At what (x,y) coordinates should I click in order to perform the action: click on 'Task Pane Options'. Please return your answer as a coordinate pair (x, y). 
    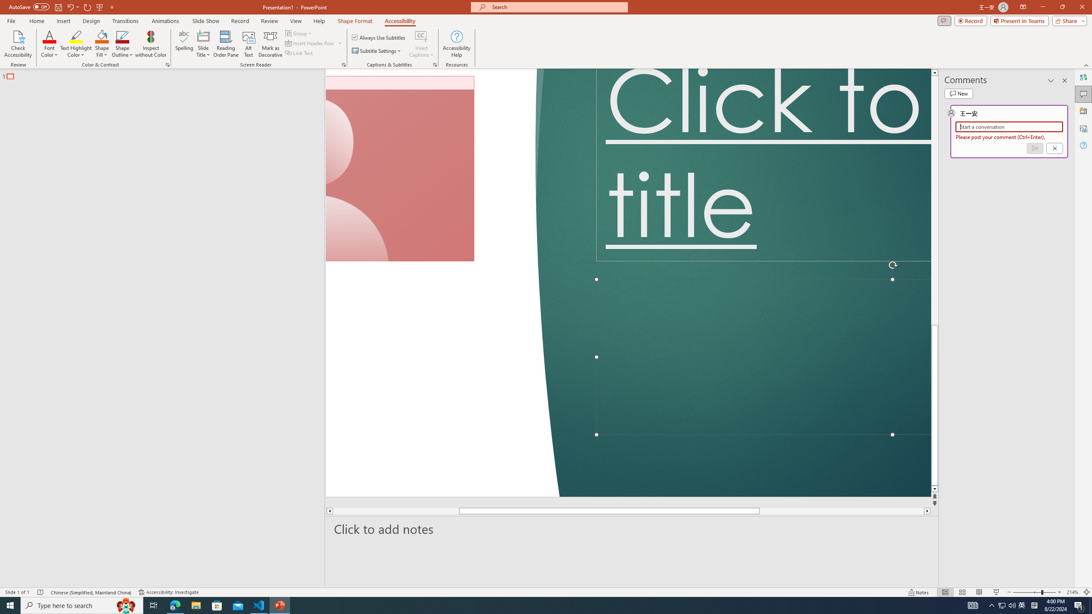
    Looking at the image, I should click on (1051, 80).